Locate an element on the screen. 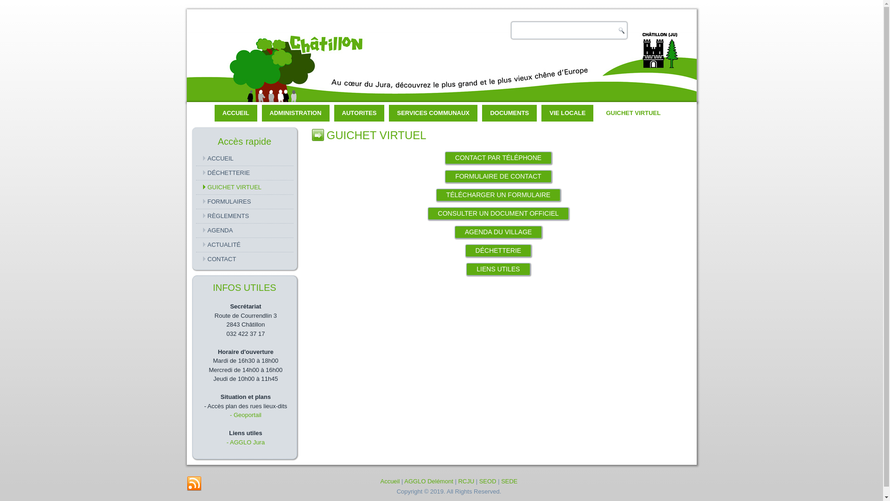  'FORMULAIRE DE CONTACT' is located at coordinates (498, 176).